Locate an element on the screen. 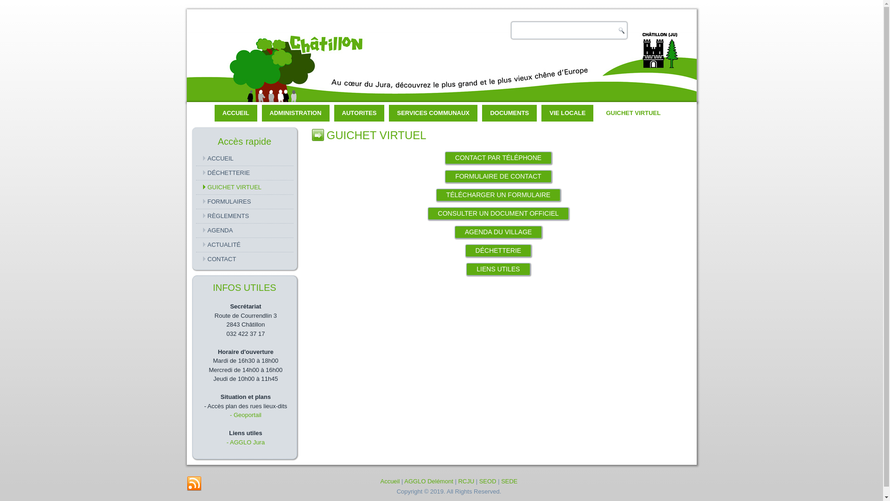  'FORMULAIRE DE CONTACT' is located at coordinates (498, 176).